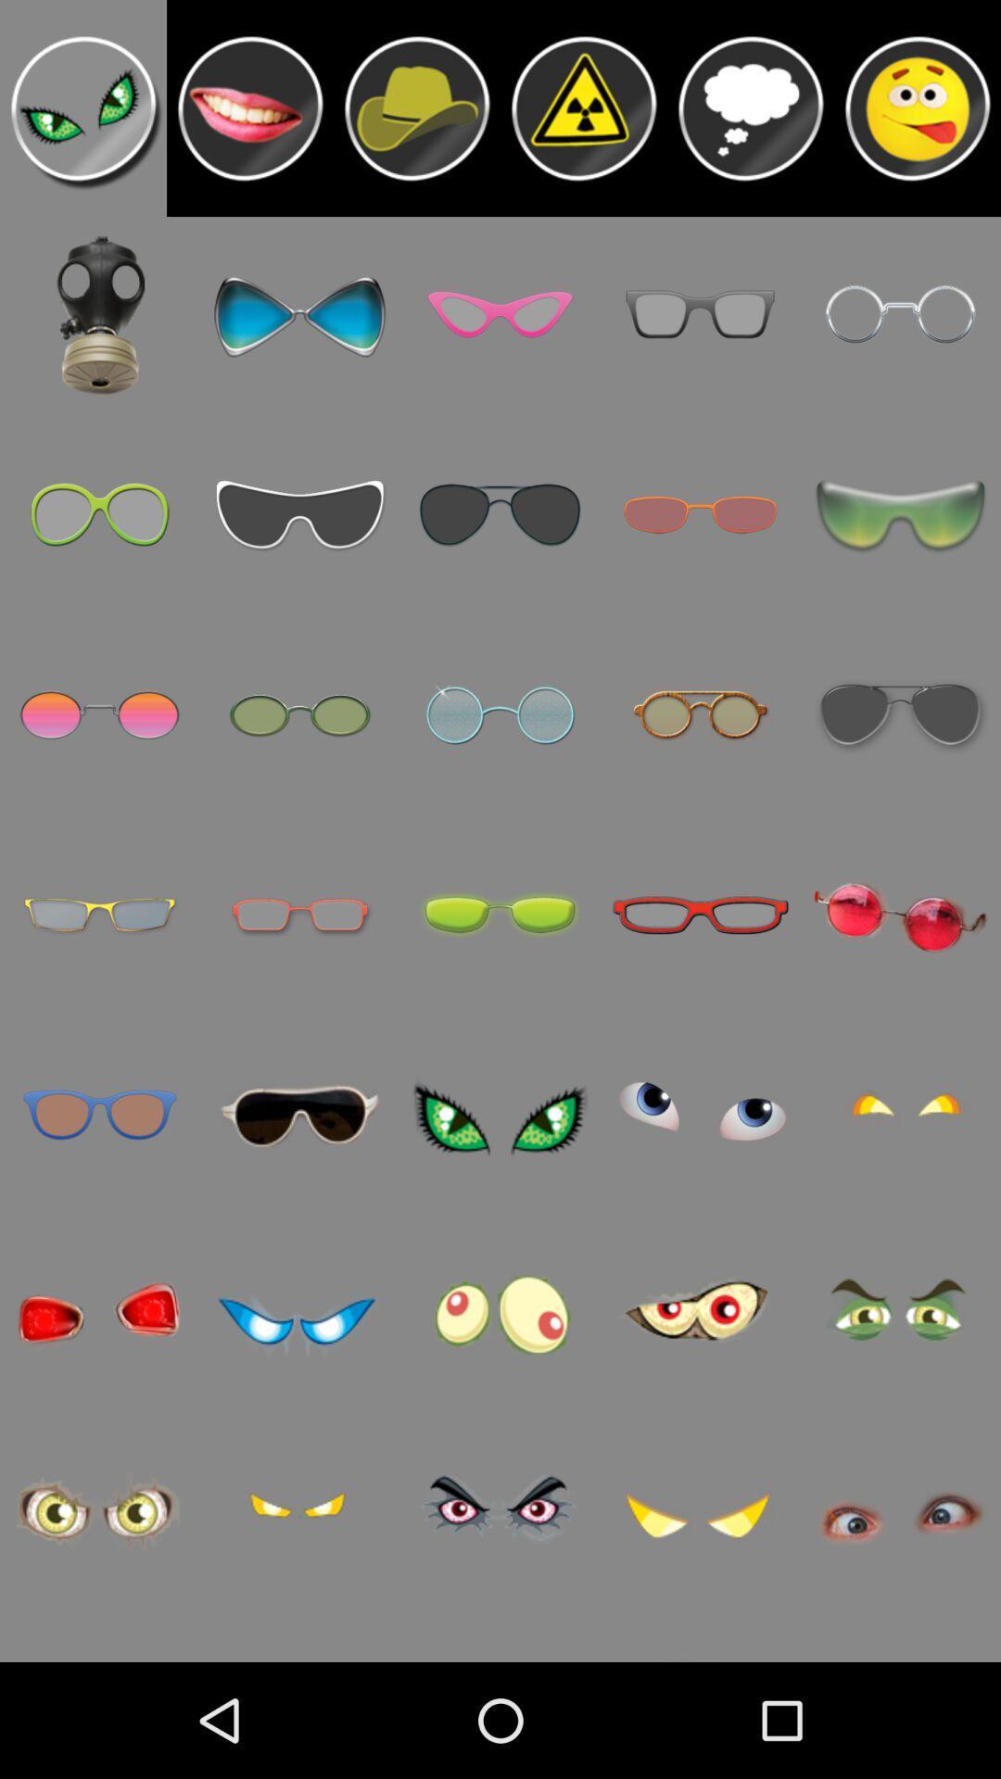 This screenshot has width=1001, height=1779. I want to click on the minus icon, so click(250, 115).